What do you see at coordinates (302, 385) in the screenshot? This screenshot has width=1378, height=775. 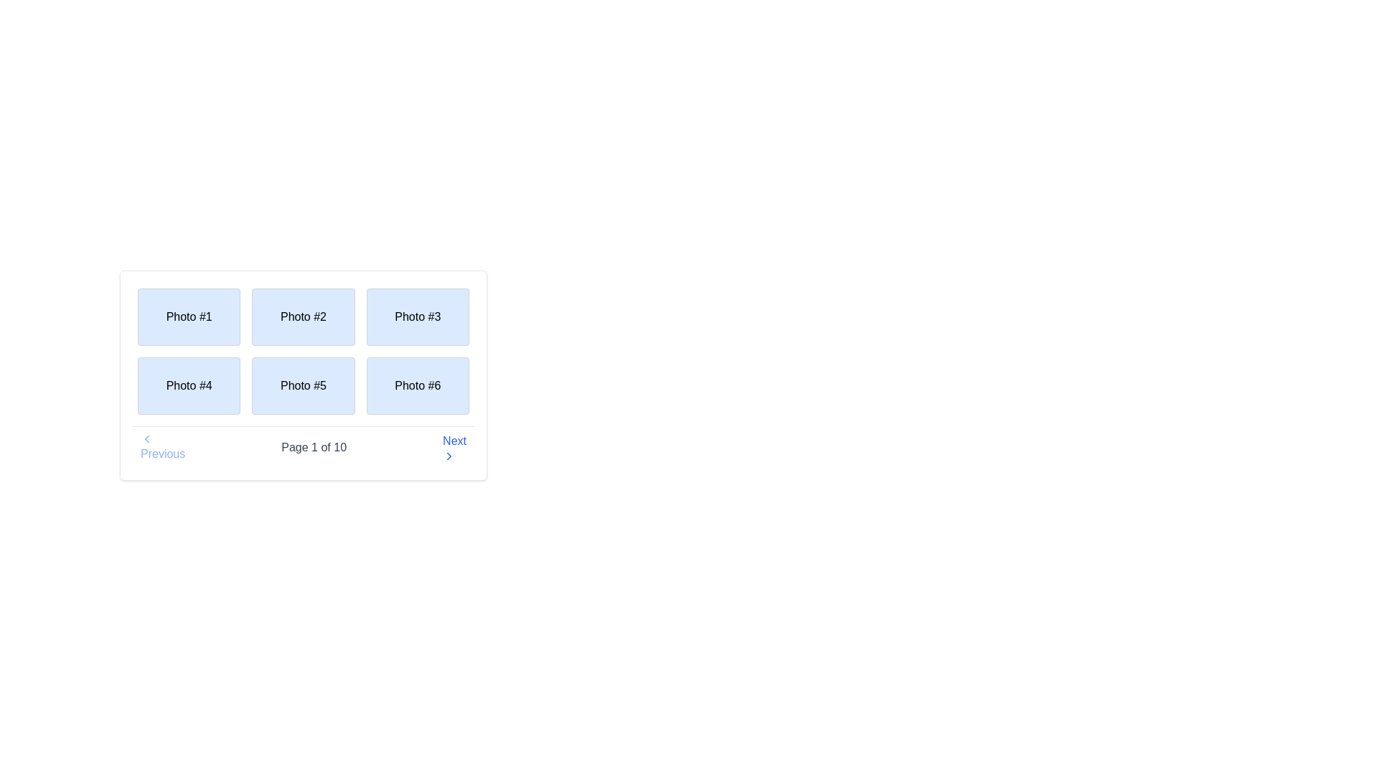 I see `the button labeled 'Photo #5' which has a light blue background and is located in the second row, second column of the grid` at bounding box center [302, 385].